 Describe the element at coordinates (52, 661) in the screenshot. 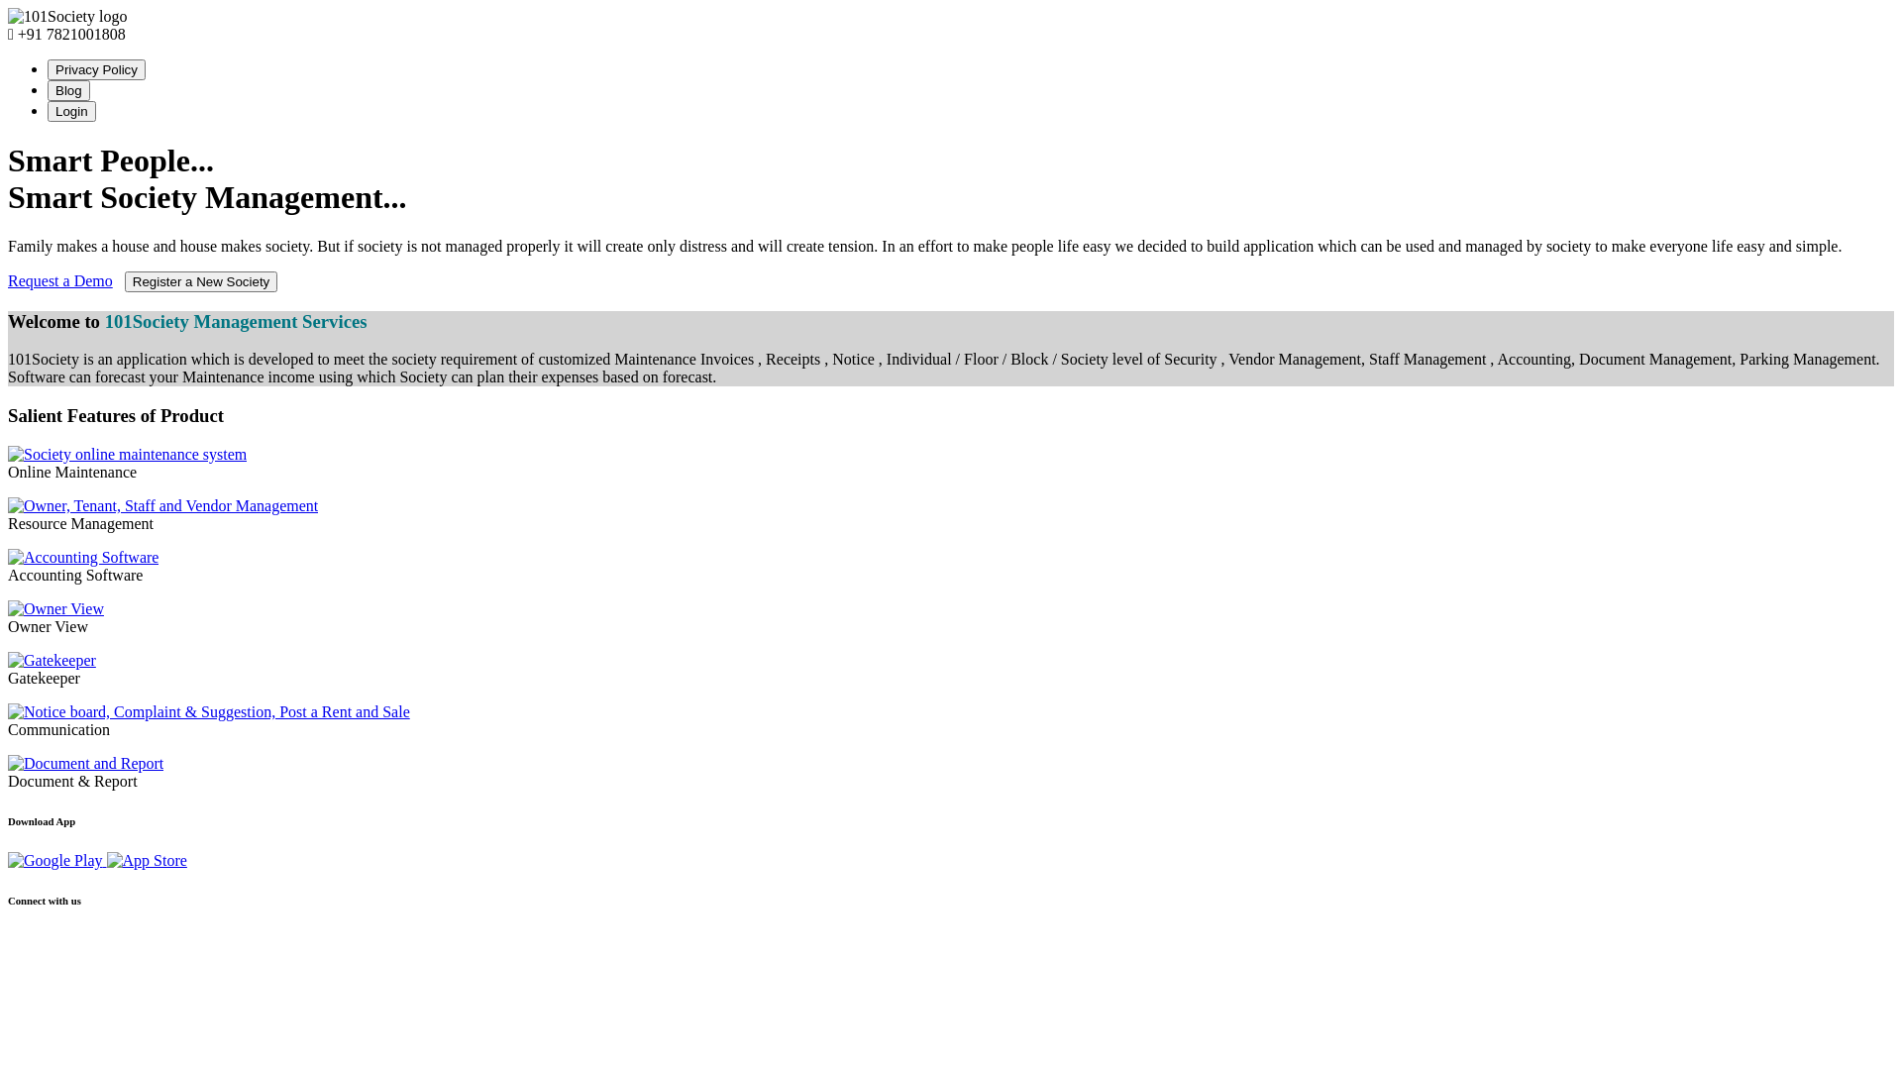

I see `'Gatekeeper'` at that location.